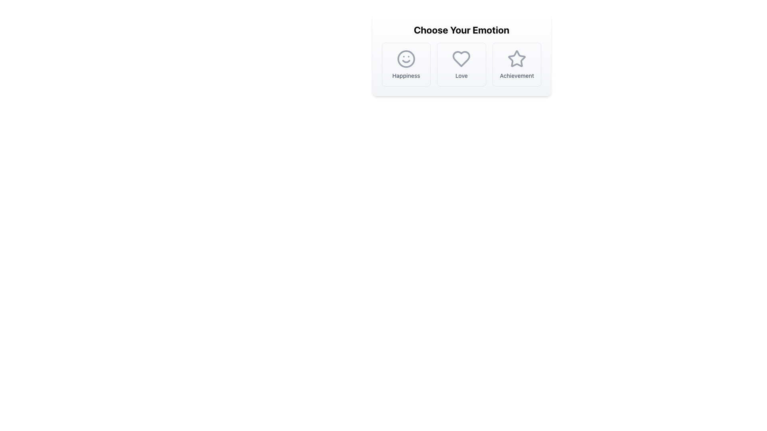  I want to click on the 'Love' option in the selection card titled 'Choose Your Emotion', which is the middle option marked with a heart icon, so click(461, 55).